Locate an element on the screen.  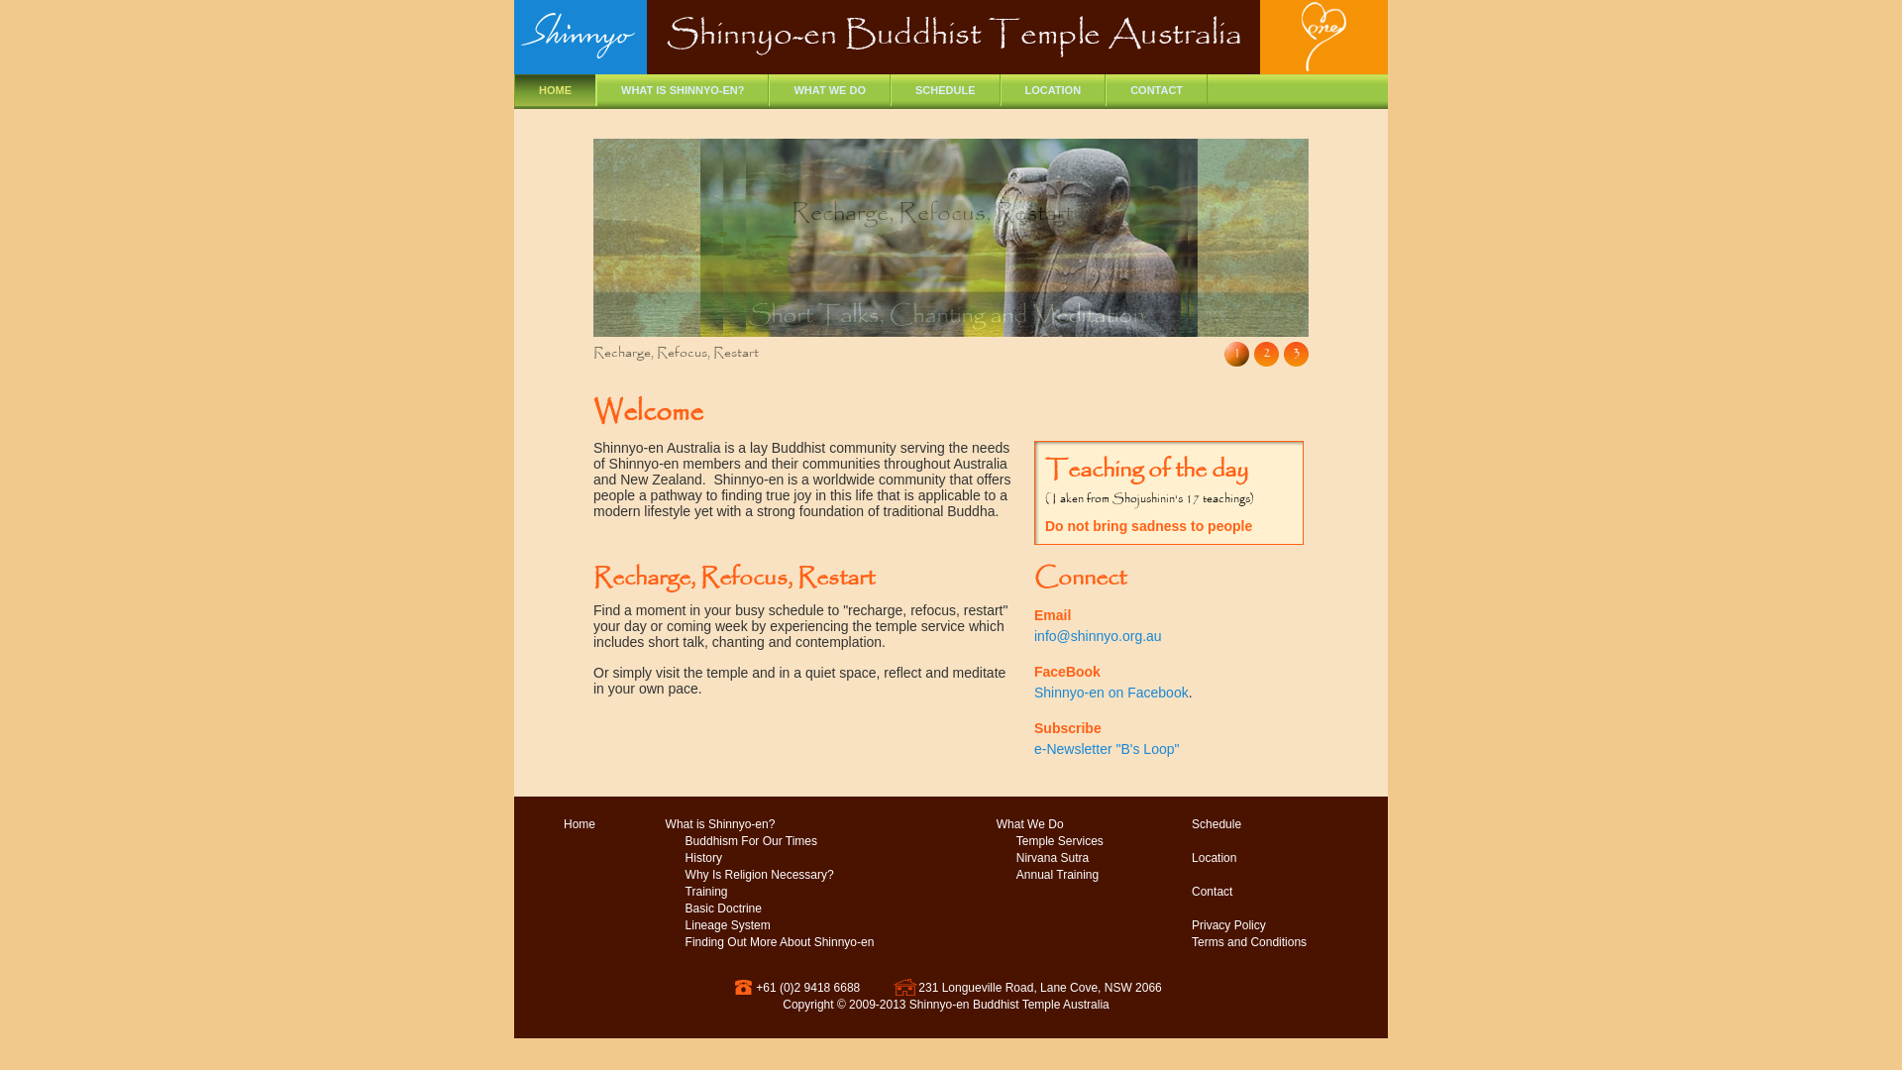
'Nirvana Sutra' is located at coordinates (1051, 857).